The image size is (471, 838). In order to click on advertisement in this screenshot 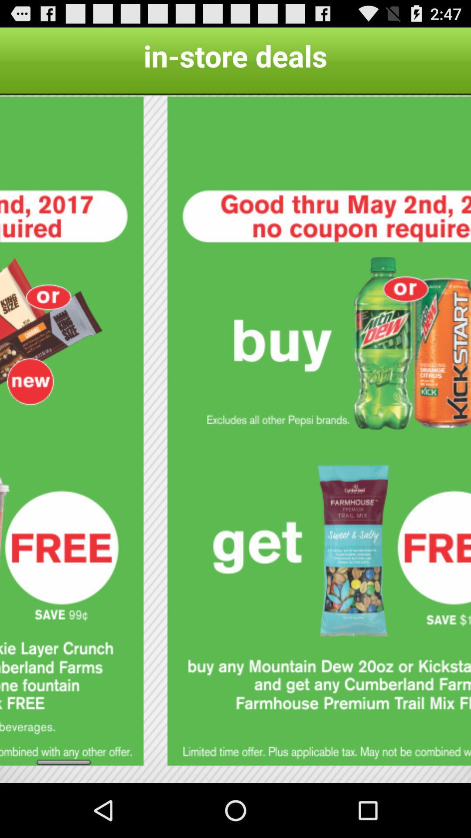, I will do `click(71, 431)`.